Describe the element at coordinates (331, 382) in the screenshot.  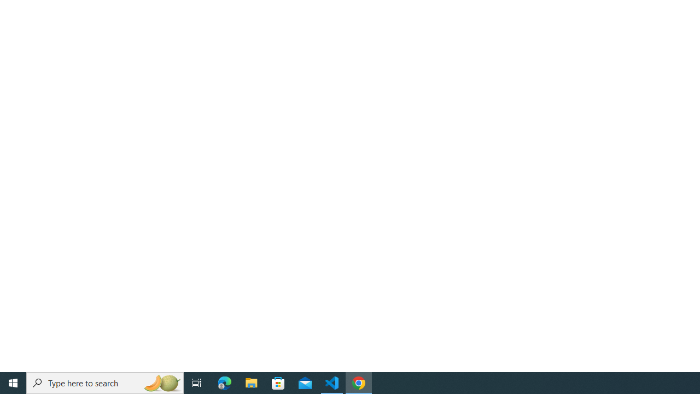
I see `'Visual Studio Code - 1 running window'` at that location.